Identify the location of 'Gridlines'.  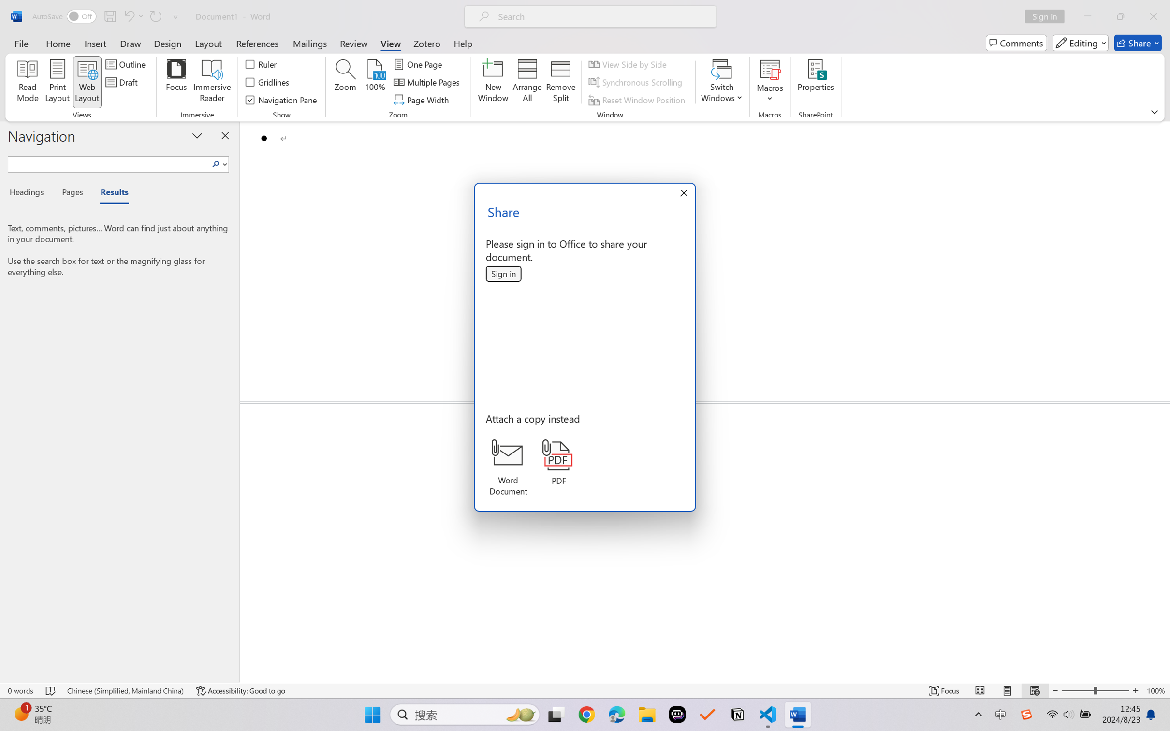
(267, 82).